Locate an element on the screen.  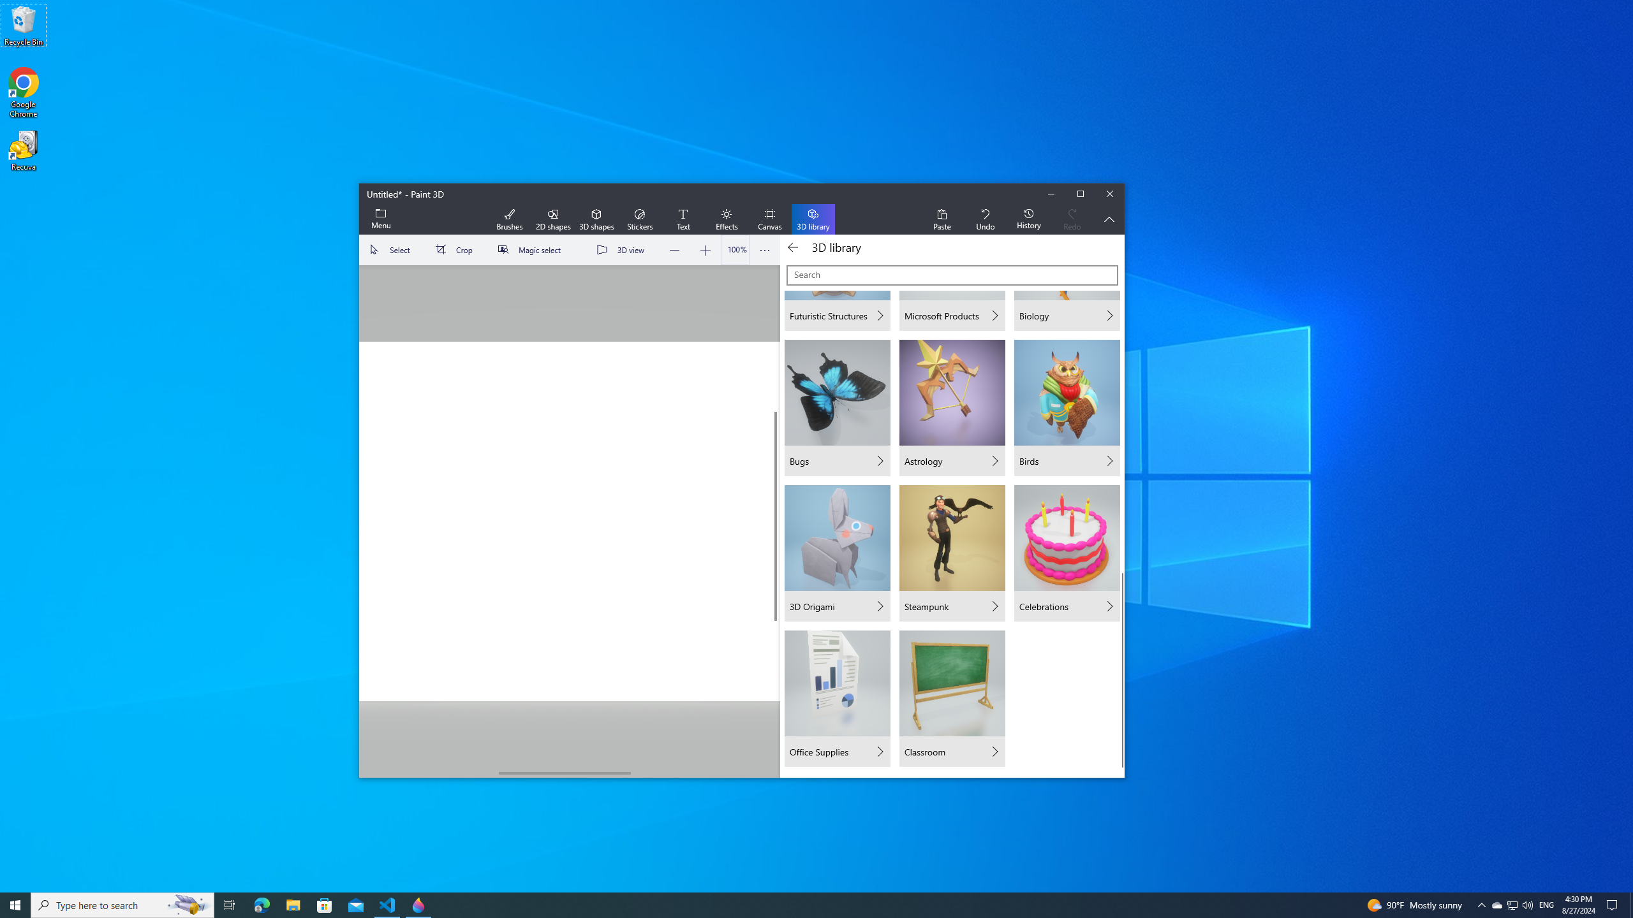
'Recuva' is located at coordinates (23, 150).